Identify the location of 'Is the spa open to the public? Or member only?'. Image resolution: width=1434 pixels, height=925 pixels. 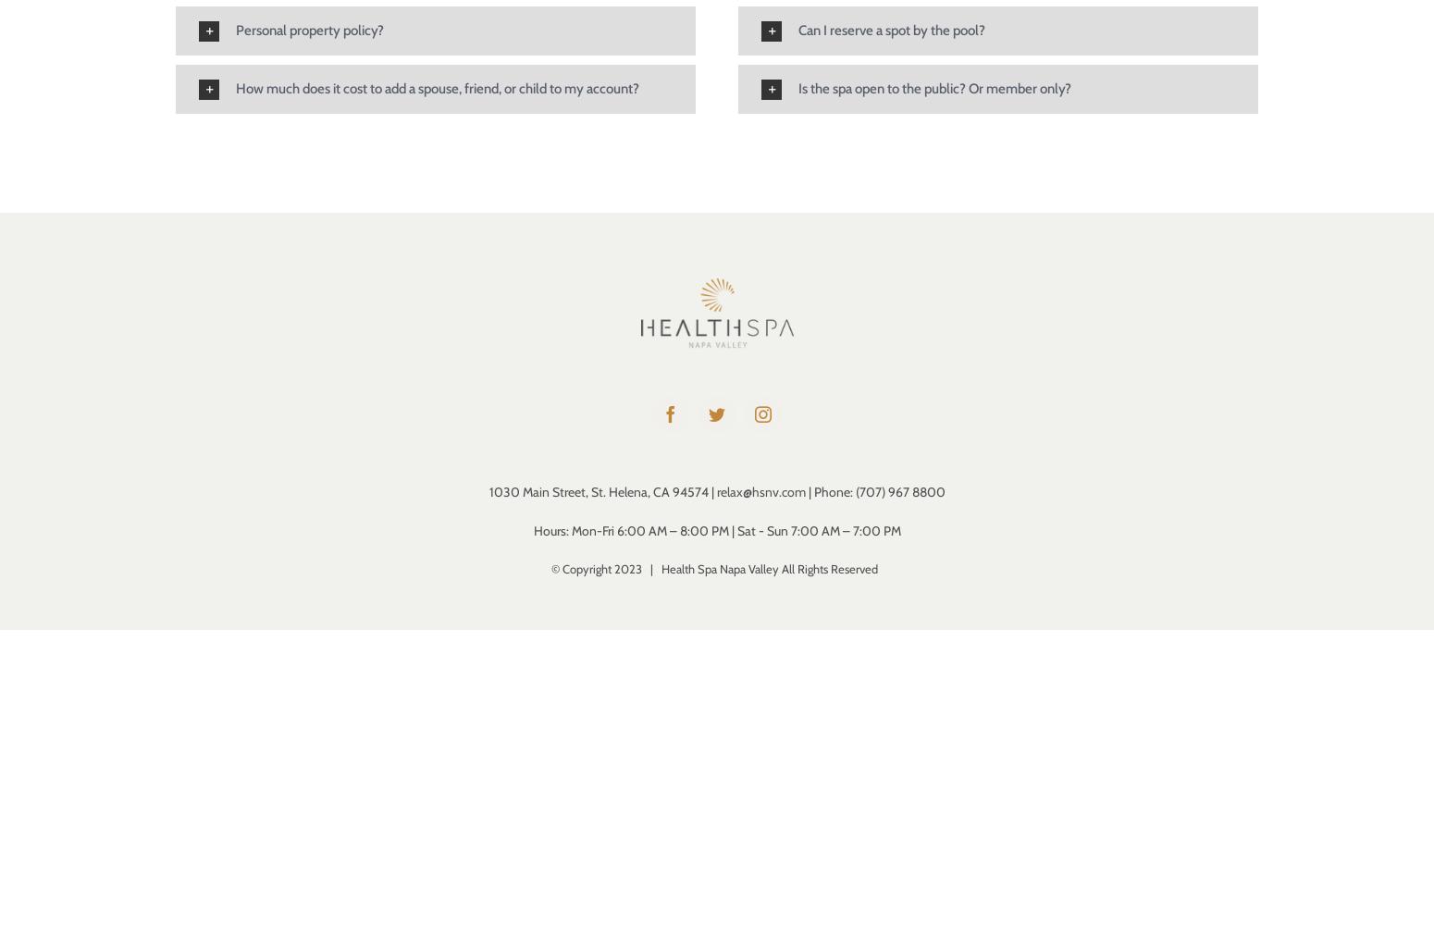
(798, 88).